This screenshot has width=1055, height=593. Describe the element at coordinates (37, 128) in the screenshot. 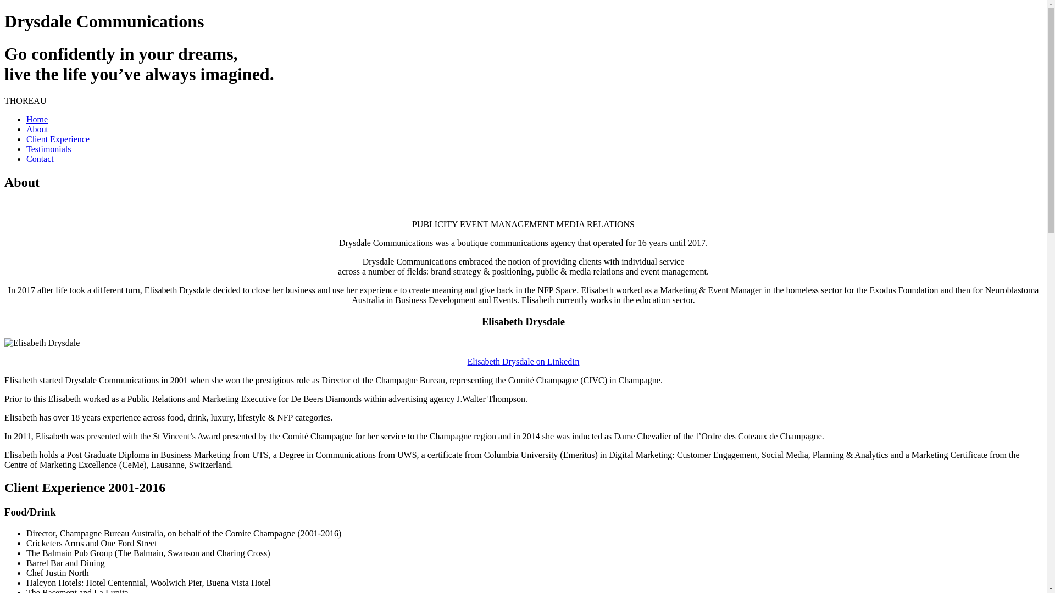

I see `'About'` at that location.